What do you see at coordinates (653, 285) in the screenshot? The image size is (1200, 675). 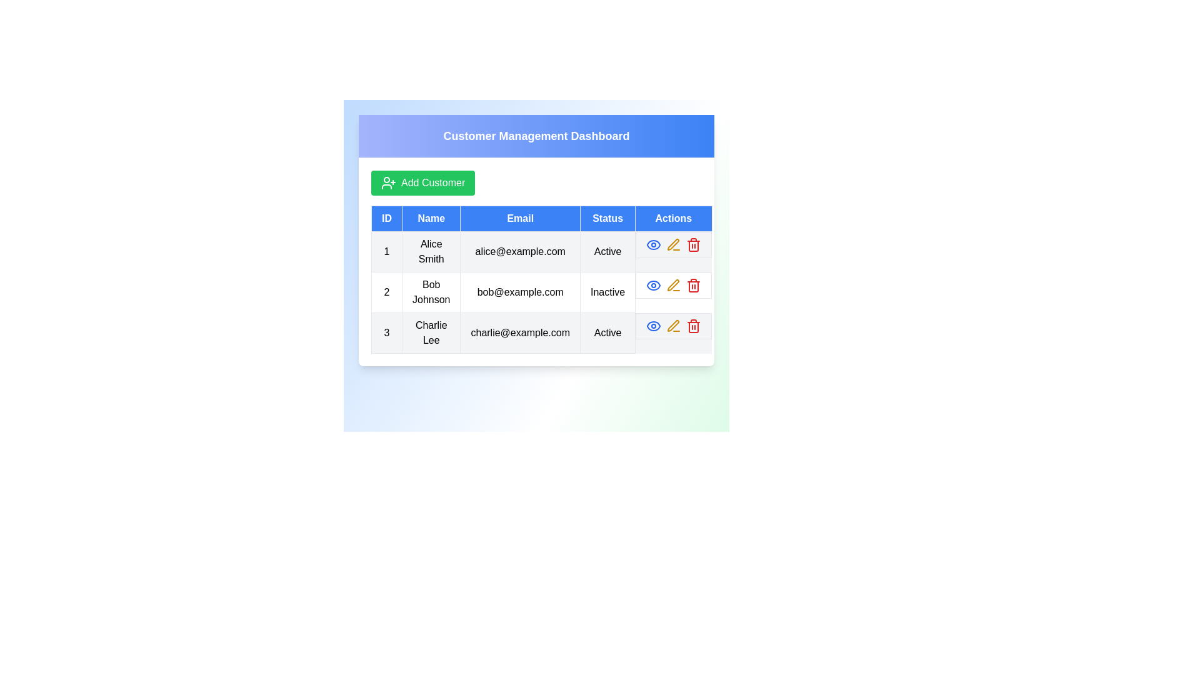 I see `the 'Eye' icon for the customer with ID 2` at bounding box center [653, 285].